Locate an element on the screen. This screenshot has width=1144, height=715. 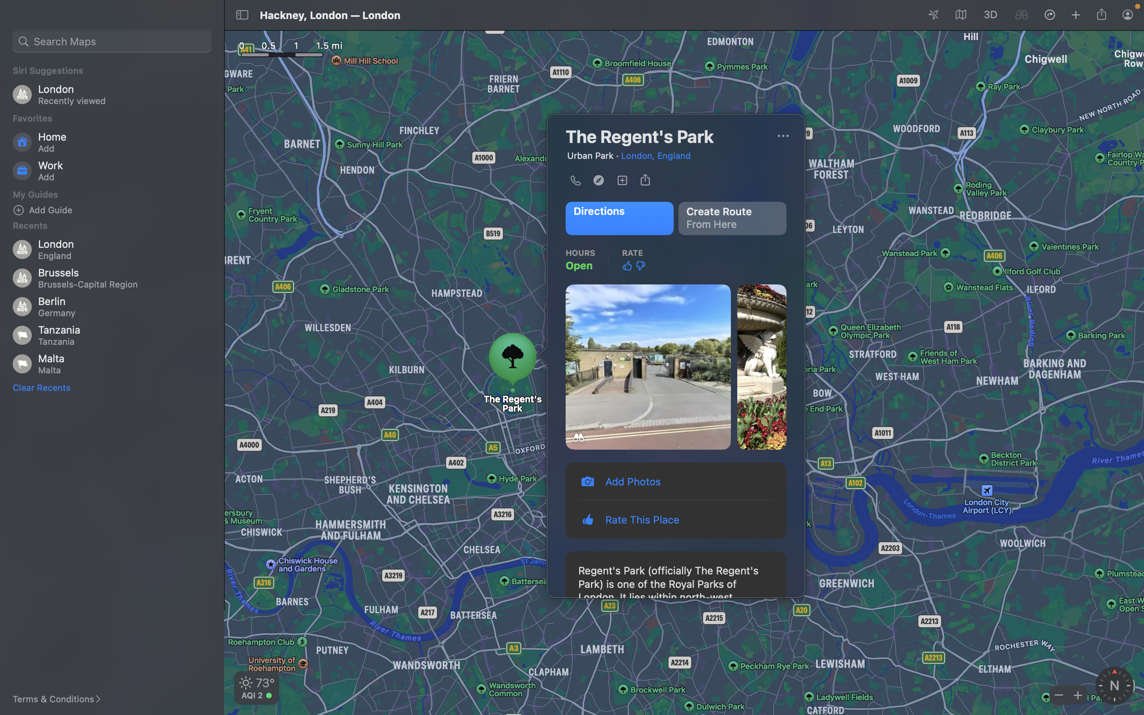
Search for nearby restaurants by typing "restaurants" in the search bar is located at coordinates (111, 39).